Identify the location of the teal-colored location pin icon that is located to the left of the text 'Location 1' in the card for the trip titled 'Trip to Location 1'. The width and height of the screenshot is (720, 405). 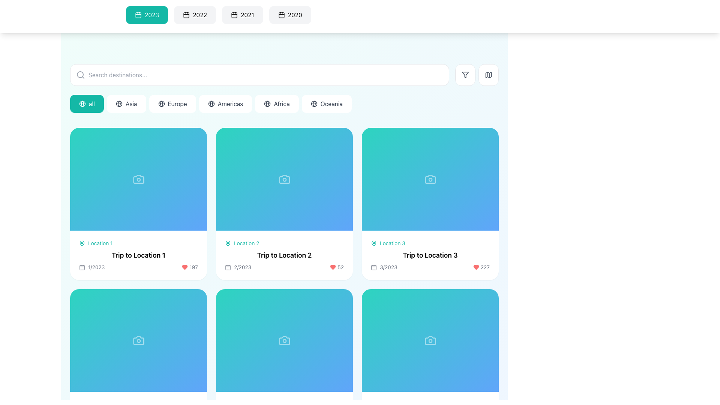
(82, 243).